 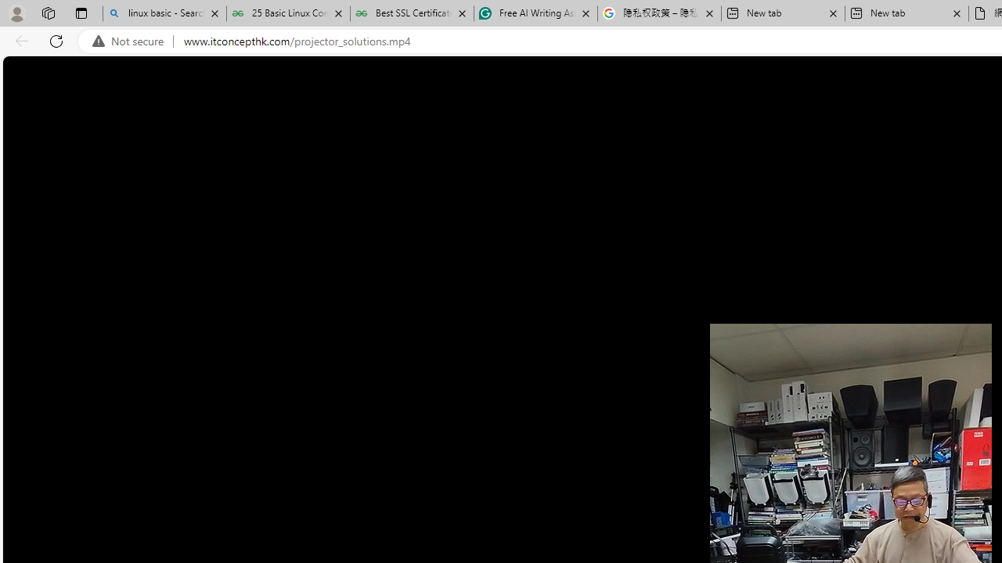 What do you see at coordinates (412, 13) in the screenshot?
I see `'Best SSL Certificates Provider in India - GeeksforGeeks'` at bounding box center [412, 13].